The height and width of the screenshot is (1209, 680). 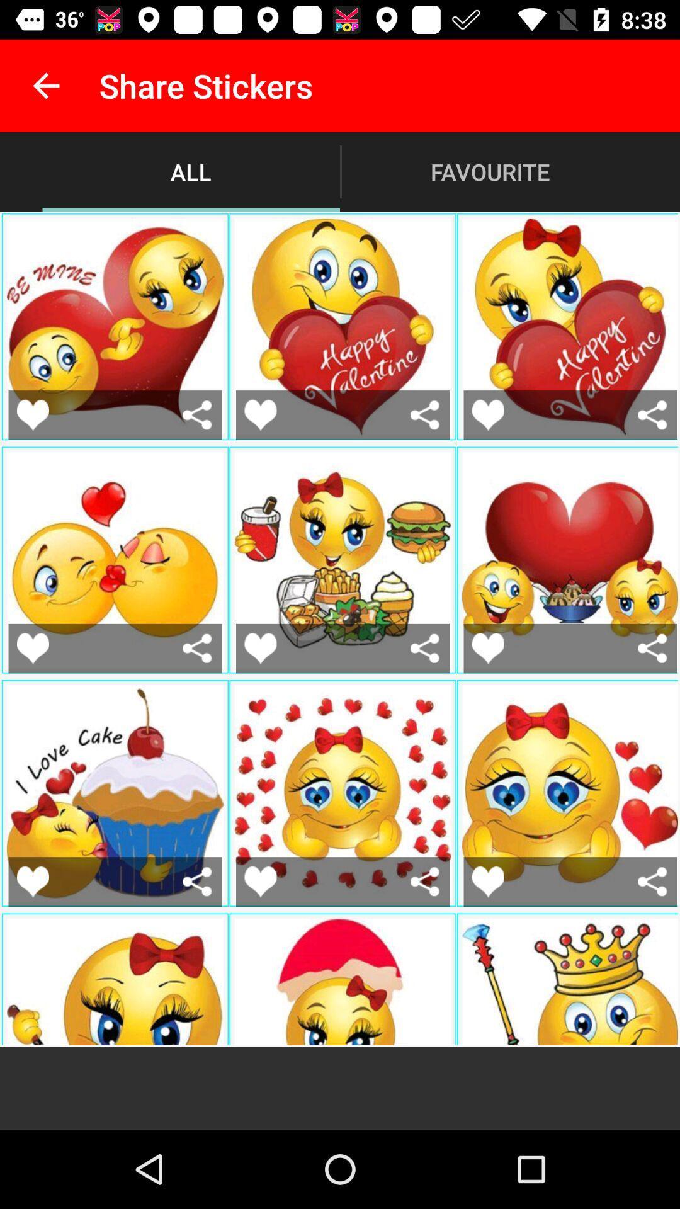 I want to click on share content, so click(x=652, y=881).